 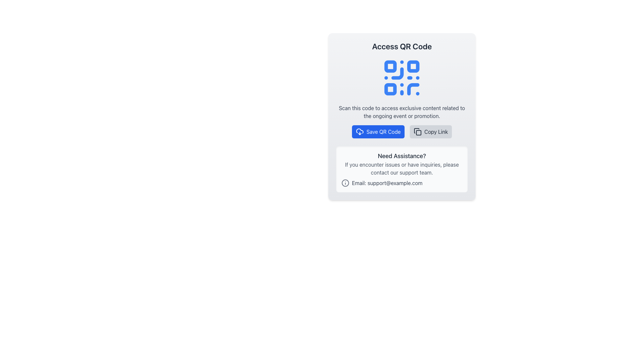 I want to click on the icon that represents the copy or duplication functionality, located just below the 'Save QR Code' button and to the right of the 'Copy Link' button in the central interface panel, so click(x=416, y=130).